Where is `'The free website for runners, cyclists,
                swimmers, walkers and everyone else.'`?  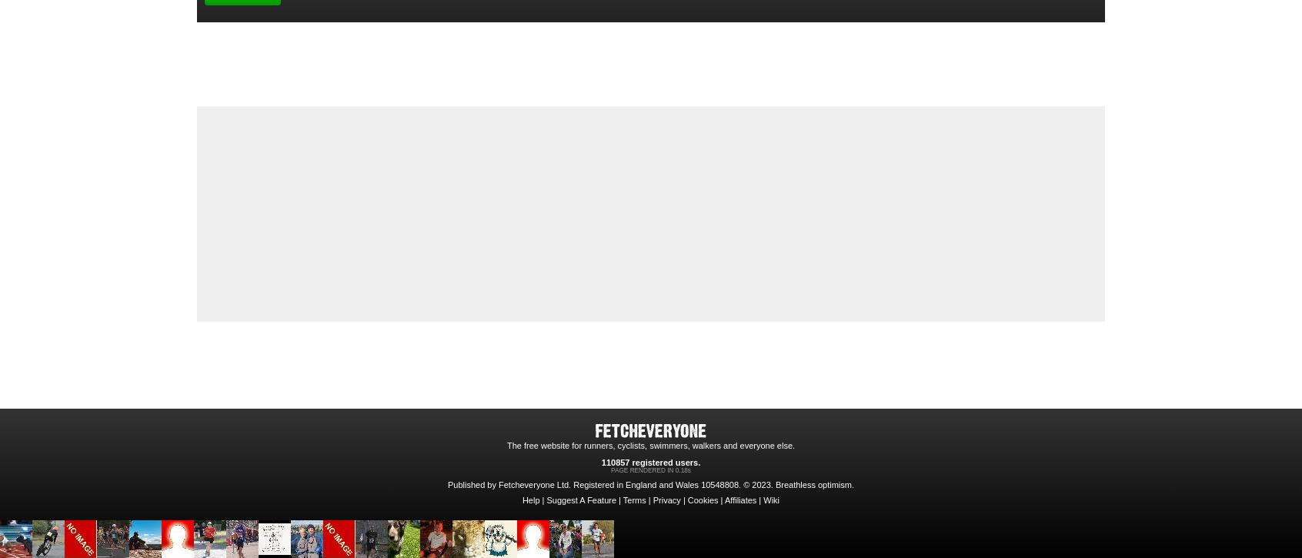
'The free website for runners, cyclists,
                swimmers, walkers and everyone else.' is located at coordinates (650, 445).